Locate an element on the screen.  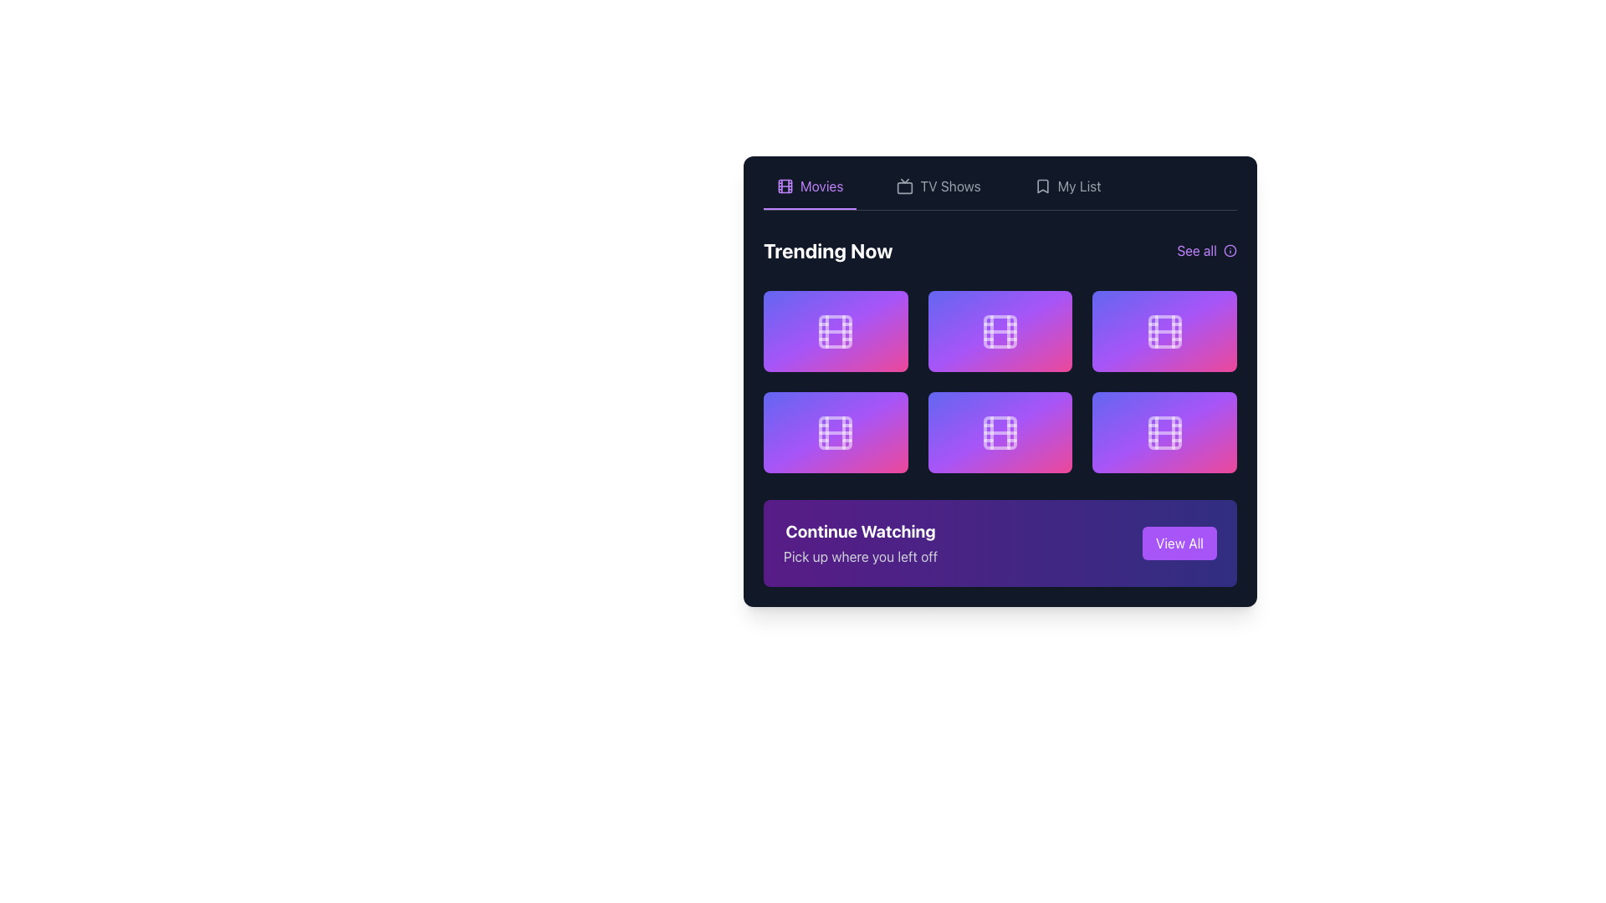
the bookmark icon in the top navigation bar associated with the 'My List' label is located at coordinates (1041, 186).